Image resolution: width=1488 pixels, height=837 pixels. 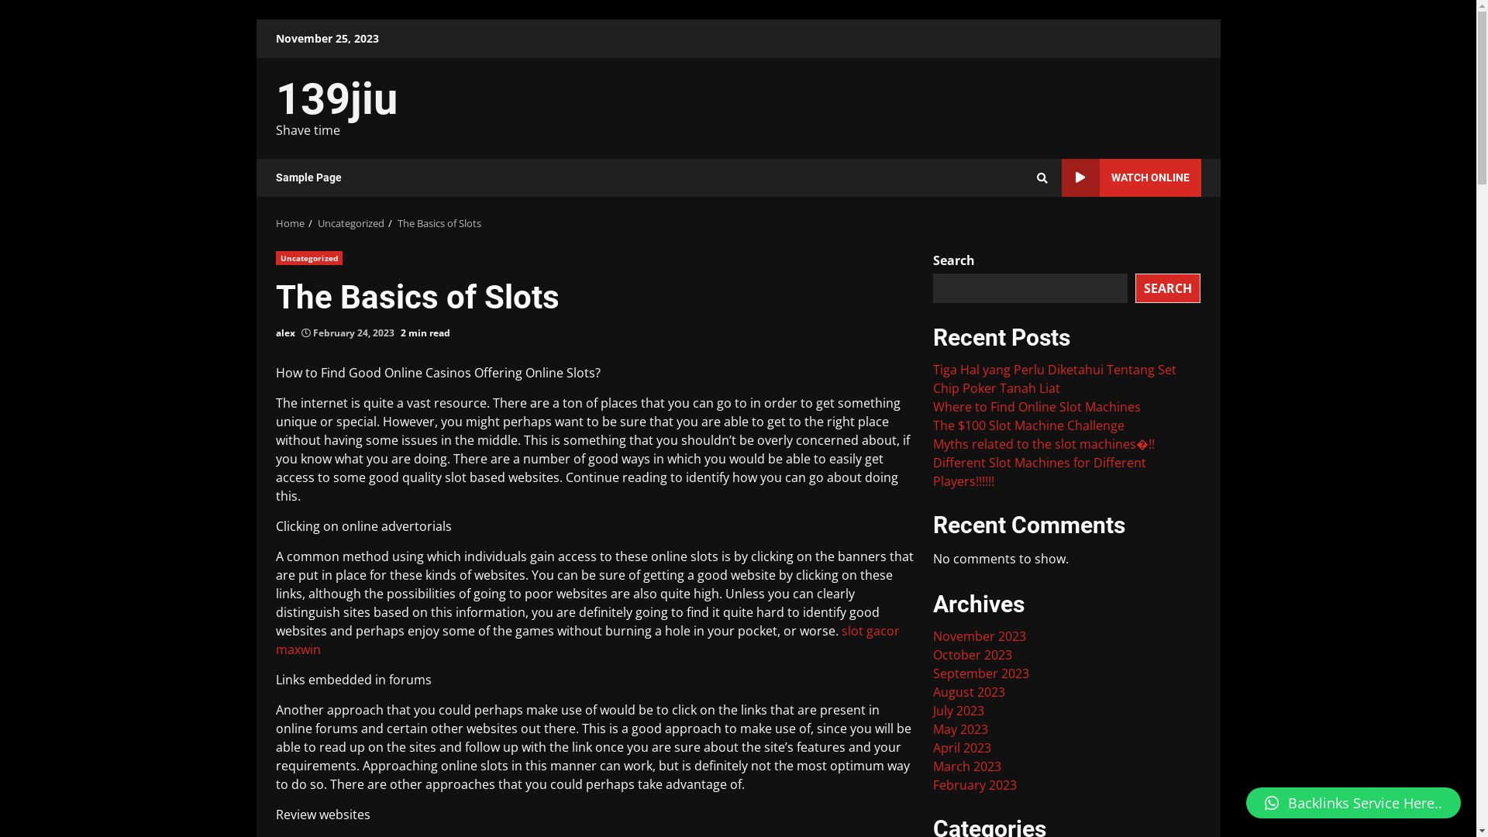 What do you see at coordinates (336, 98) in the screenshot?
I see `'139jiu'` at bounding box center [336, 98].